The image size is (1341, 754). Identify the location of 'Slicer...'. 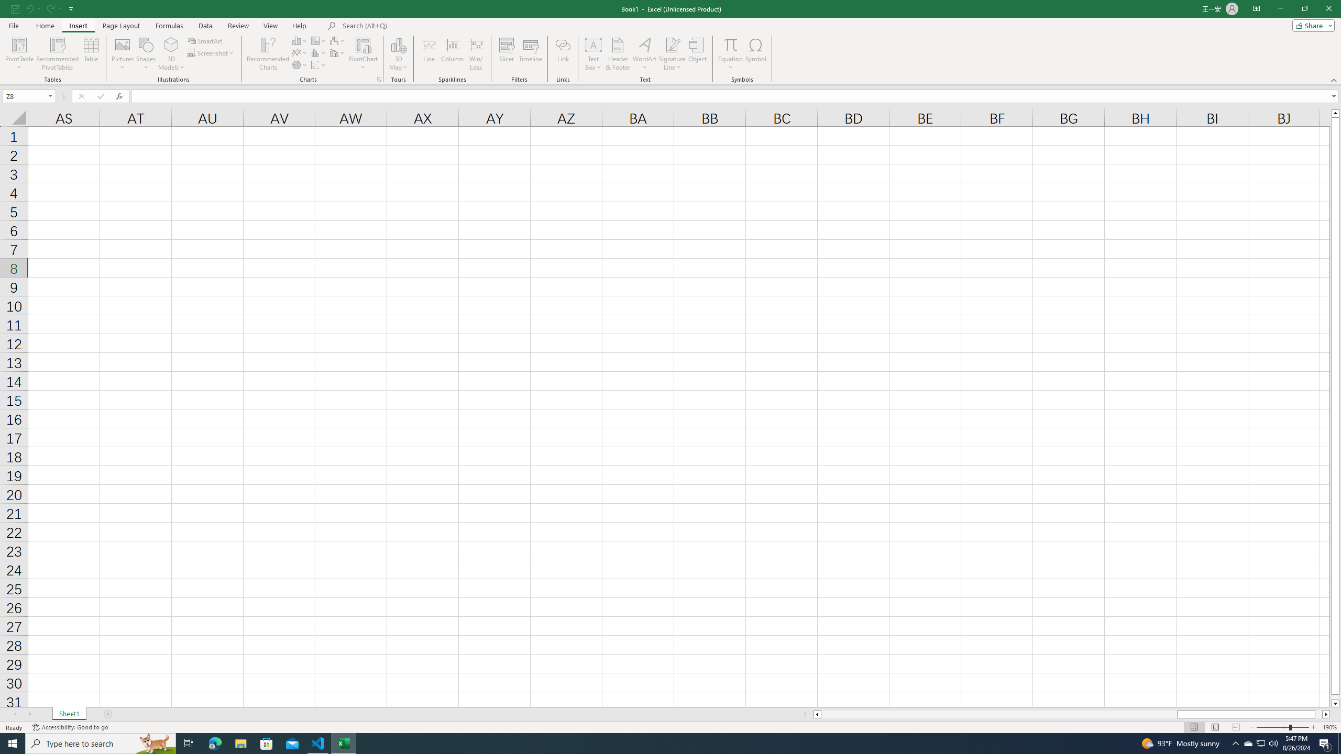
(506, 54).